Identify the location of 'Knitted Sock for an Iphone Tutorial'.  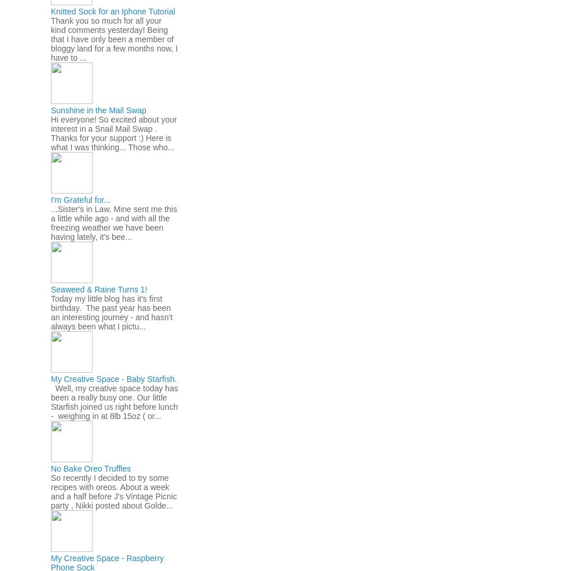
(50, 10).